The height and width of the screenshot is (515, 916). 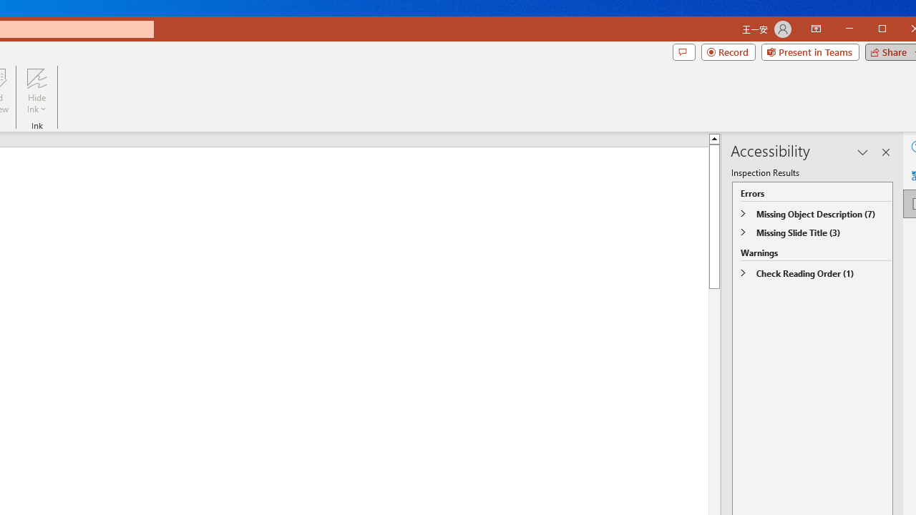 What do you see at coordinates (886, 30) in the screenshot?
I see `'Minimize'` at bounding box center [886, 30].